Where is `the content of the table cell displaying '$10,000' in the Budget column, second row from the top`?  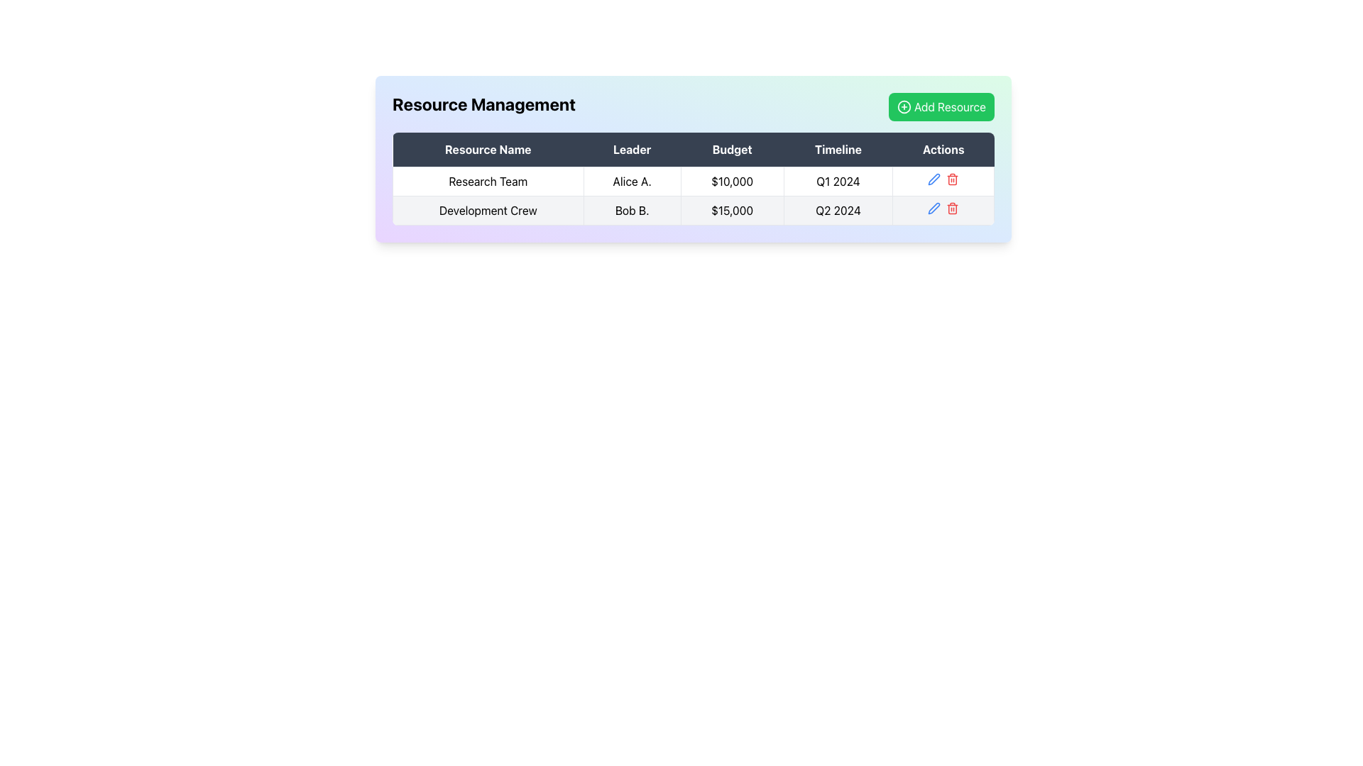 the content of the table cell displaying '$10,000' in the Budget column, second row from the top is located at coordinates (694, 196).